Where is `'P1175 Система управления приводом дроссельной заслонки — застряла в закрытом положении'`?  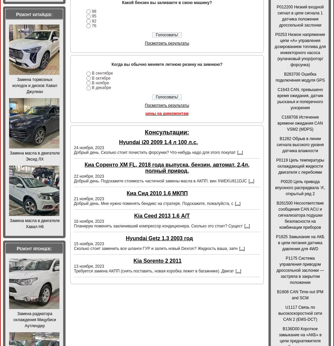
'P1175 Система управления приводом дроссельной заслонки — застряла в закрытом положении' is located at coordinates (276, 270).